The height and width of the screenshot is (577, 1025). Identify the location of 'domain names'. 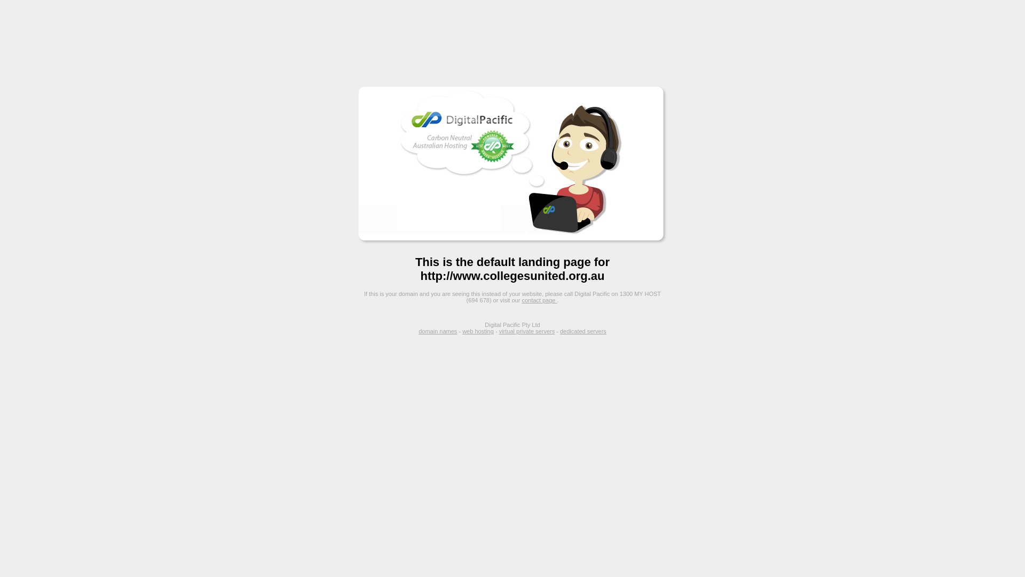
(438, 331).